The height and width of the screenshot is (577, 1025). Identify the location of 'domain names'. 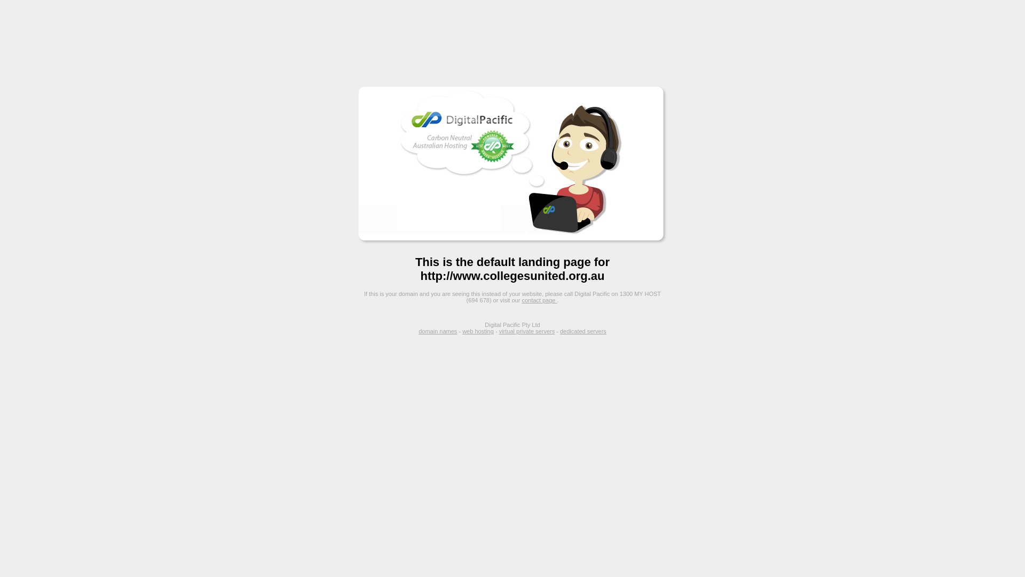
(438, 331).